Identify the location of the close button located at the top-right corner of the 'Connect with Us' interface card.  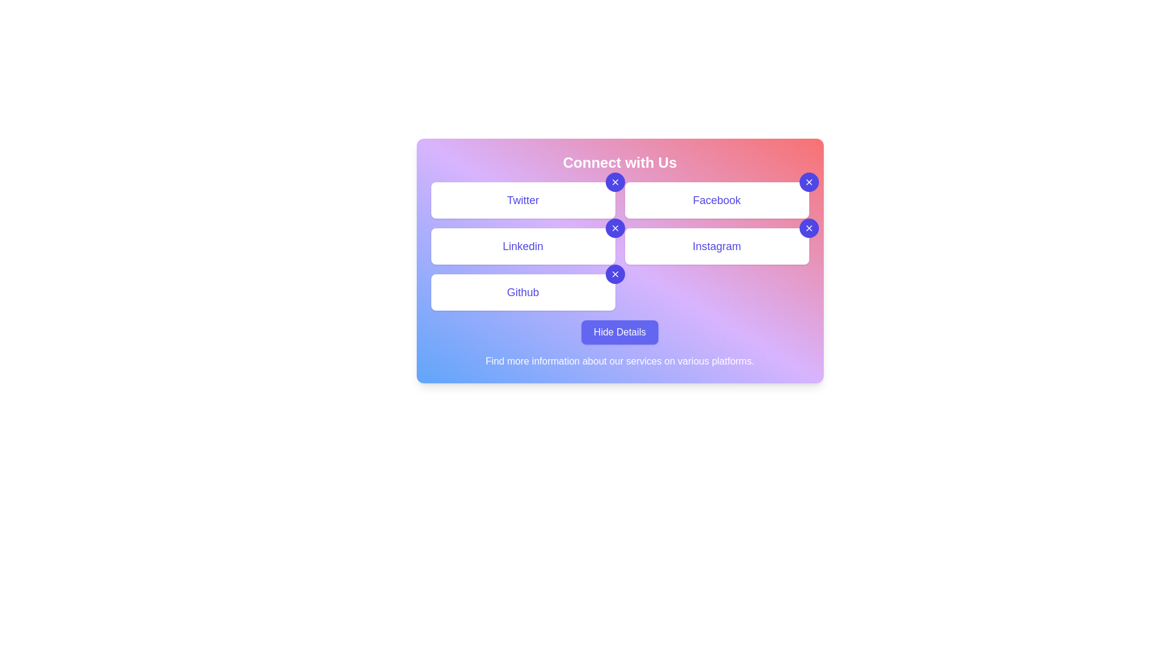
(615, 182).